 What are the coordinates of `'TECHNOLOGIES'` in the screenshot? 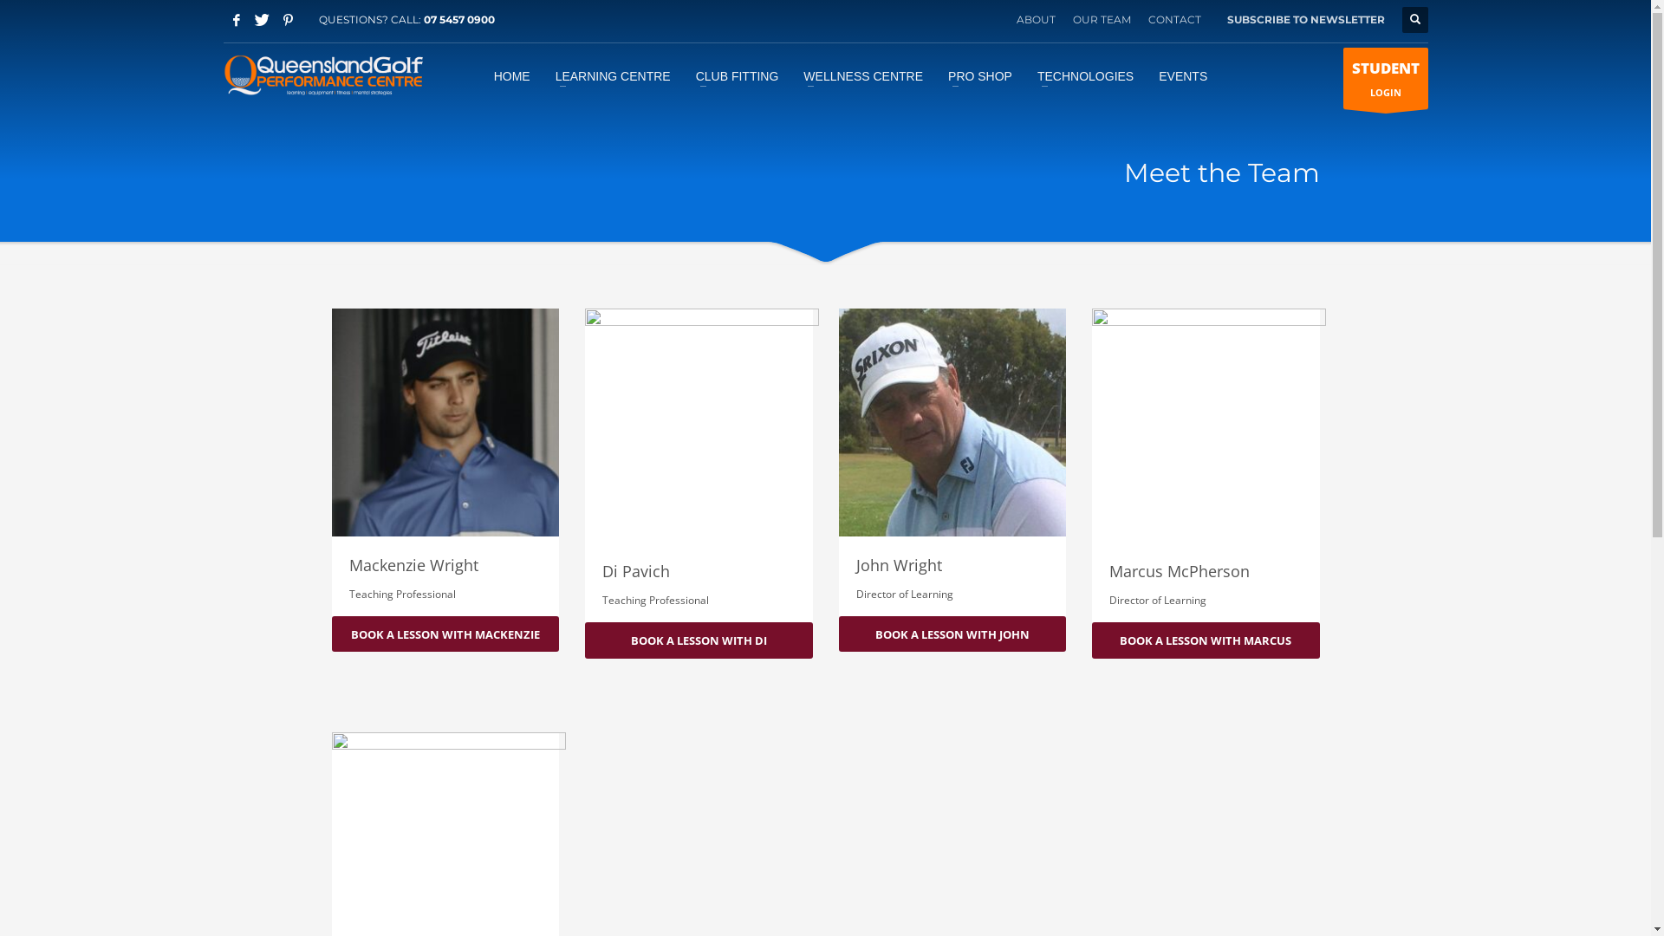 It's located at (1084, 75).